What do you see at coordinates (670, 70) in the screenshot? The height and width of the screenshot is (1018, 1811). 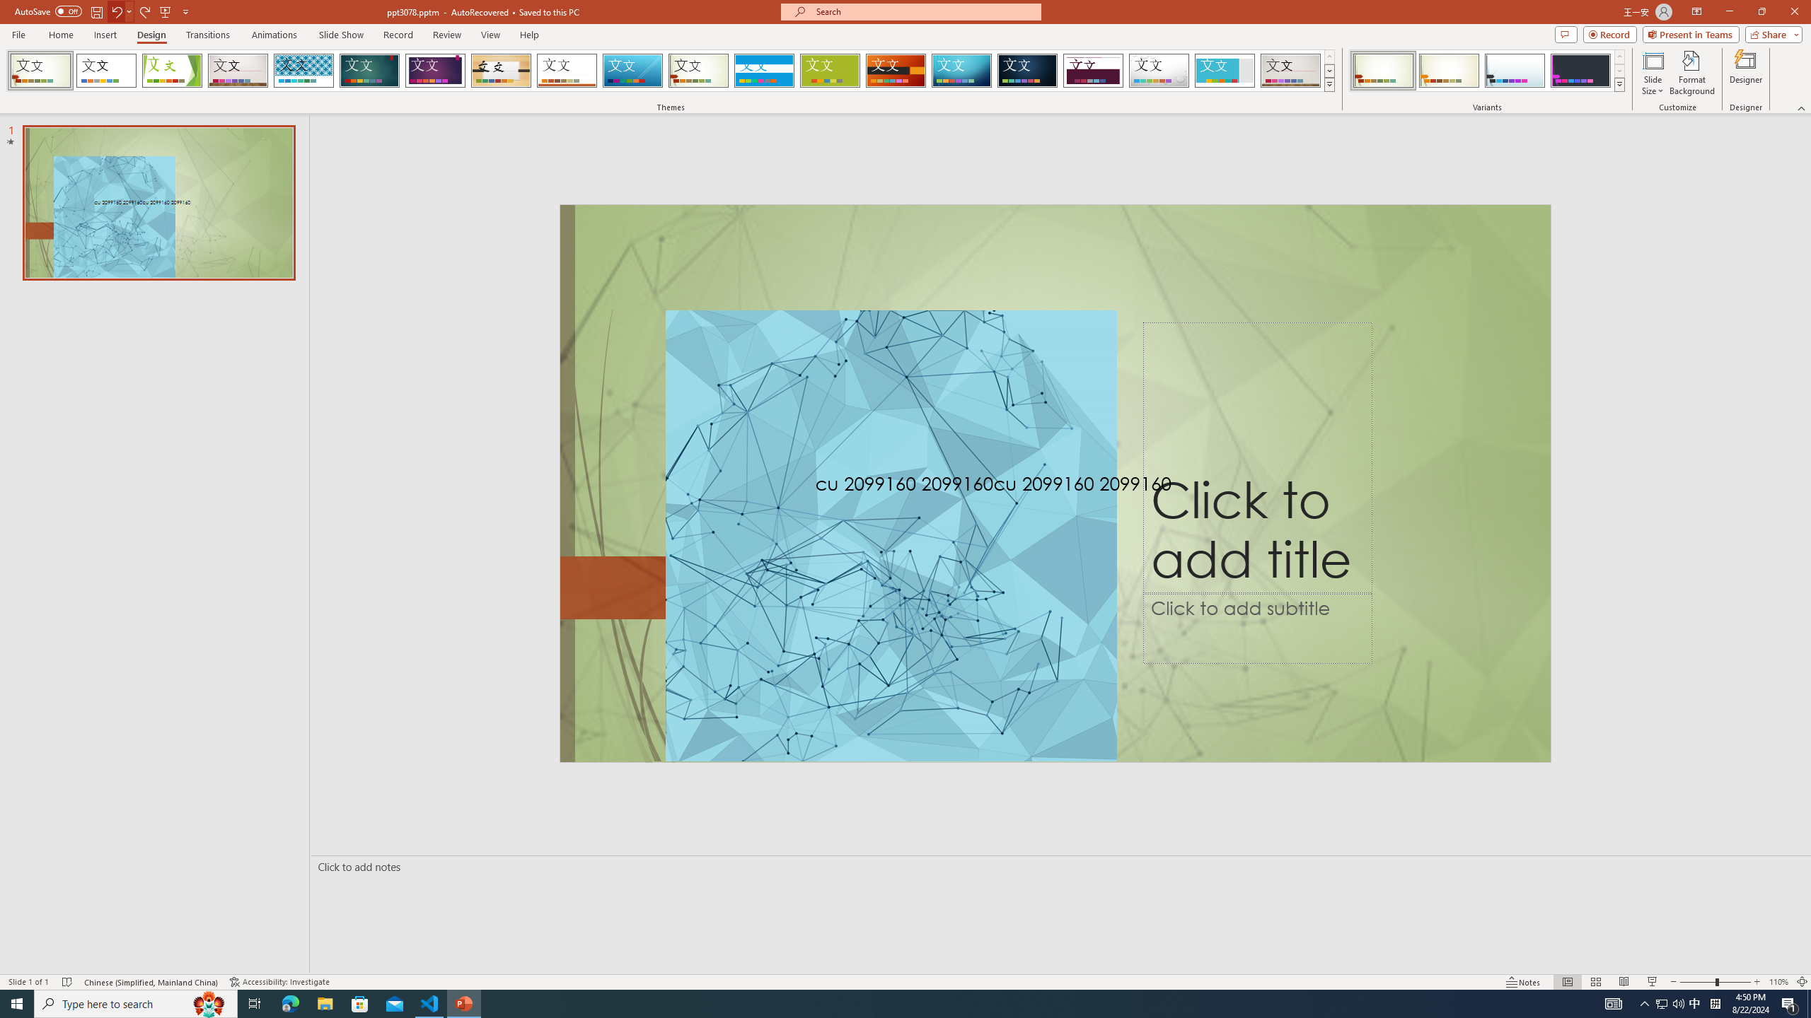 I see `'AutomationID: SlideThemesGallery'` at bounding box center [670, 70].